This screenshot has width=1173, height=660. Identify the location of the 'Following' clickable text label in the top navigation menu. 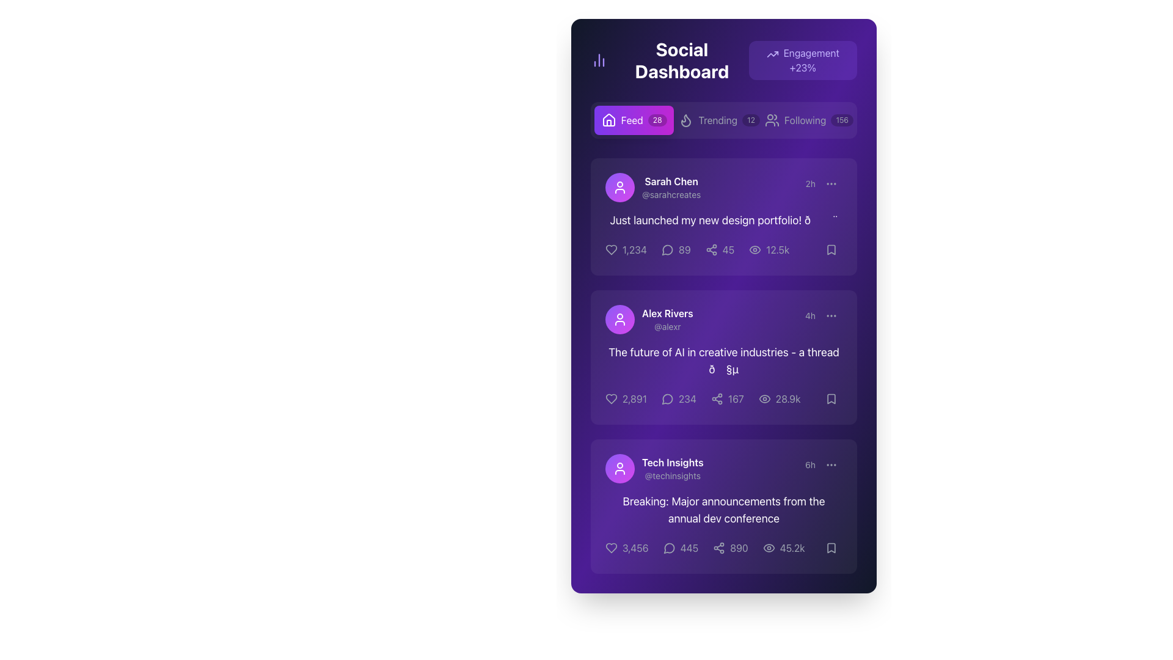
(805, 120).